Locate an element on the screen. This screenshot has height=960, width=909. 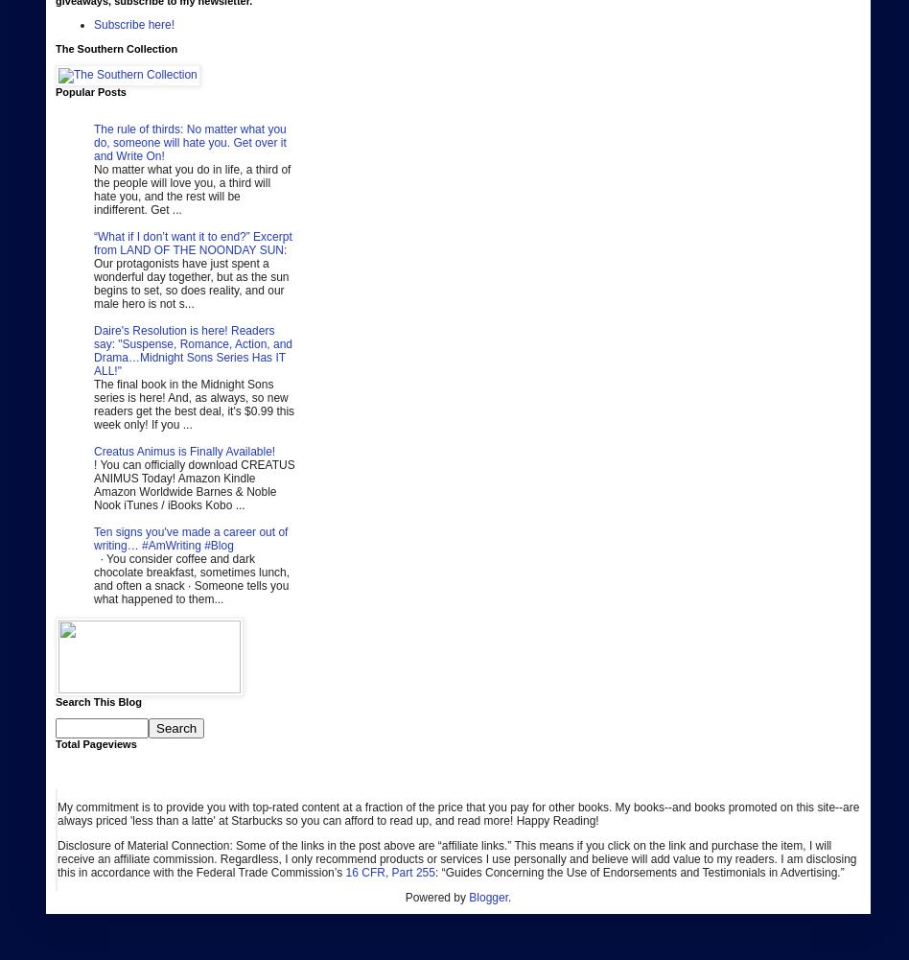
'Blogger' is located at coordinates (488, 897).